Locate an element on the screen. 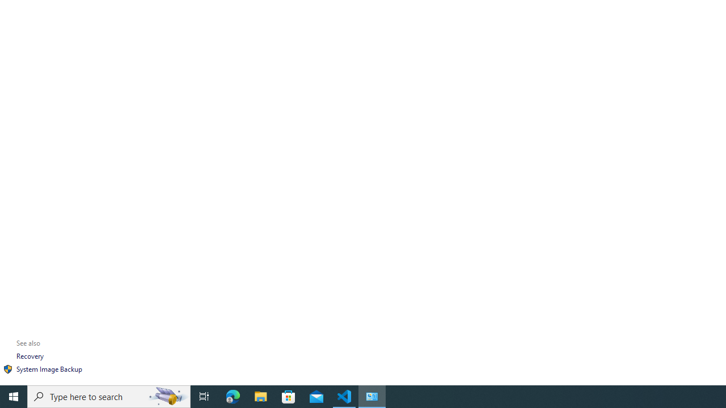  'Icon' is located at coordinates (8, 369).